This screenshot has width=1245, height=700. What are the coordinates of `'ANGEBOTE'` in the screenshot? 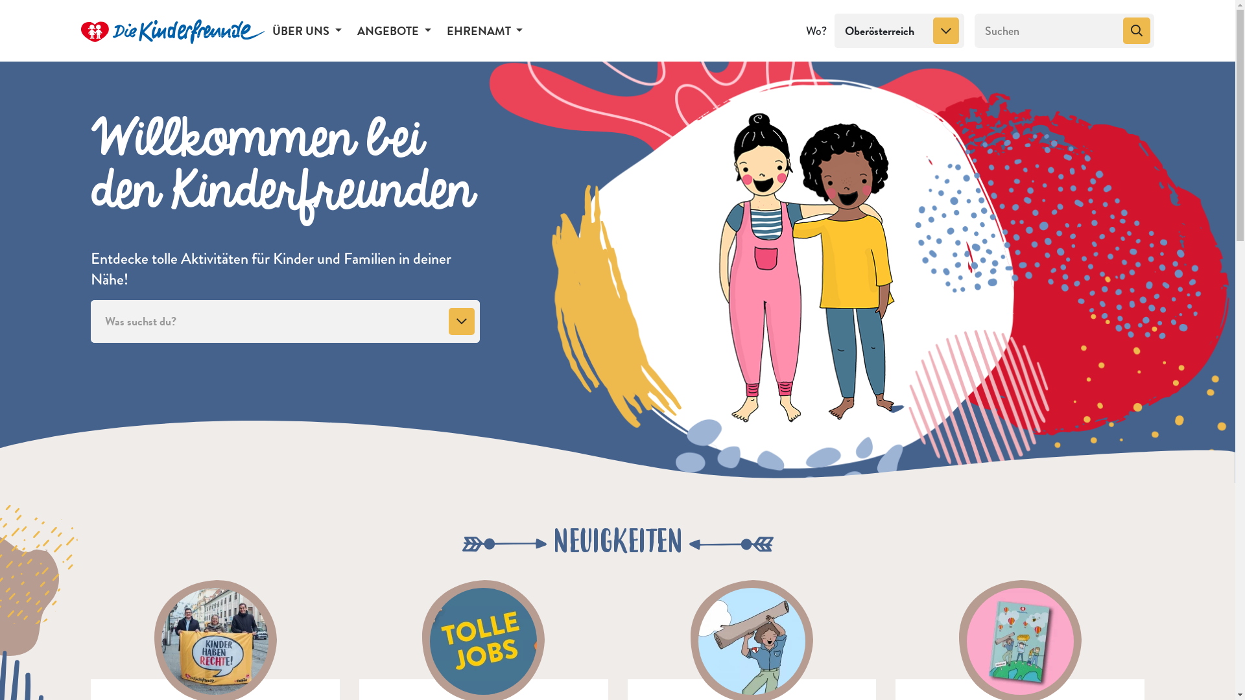 It's located at (394, 29).